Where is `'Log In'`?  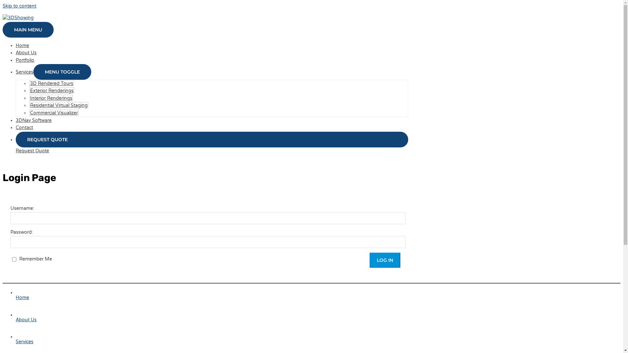 'Log In' is located at coordinates (385, 260).